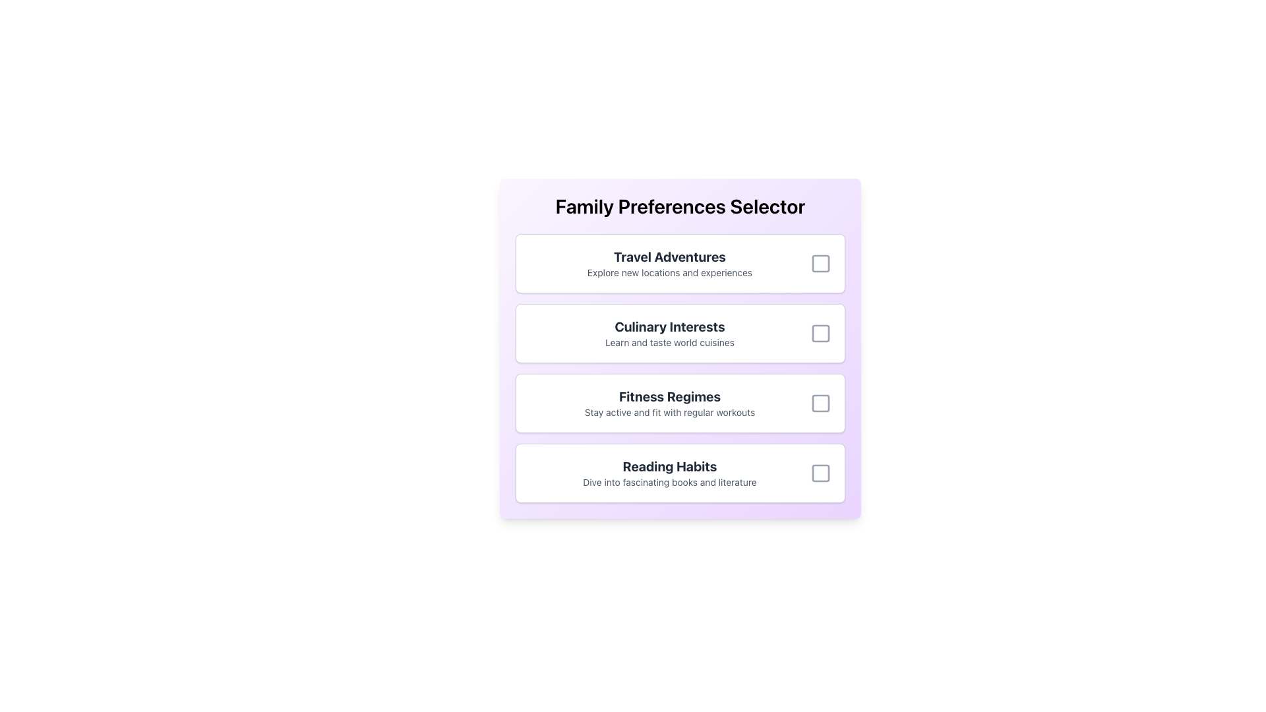 This screenshot has height=712, width=1266. Describe the element at coordinates (670, 483) in the screenshot. I see `the text label reading 'Dive into fascinating books and literature' which is styled in a smaller gray font and located directly below the bold title 'Reading Habits'` at that location.